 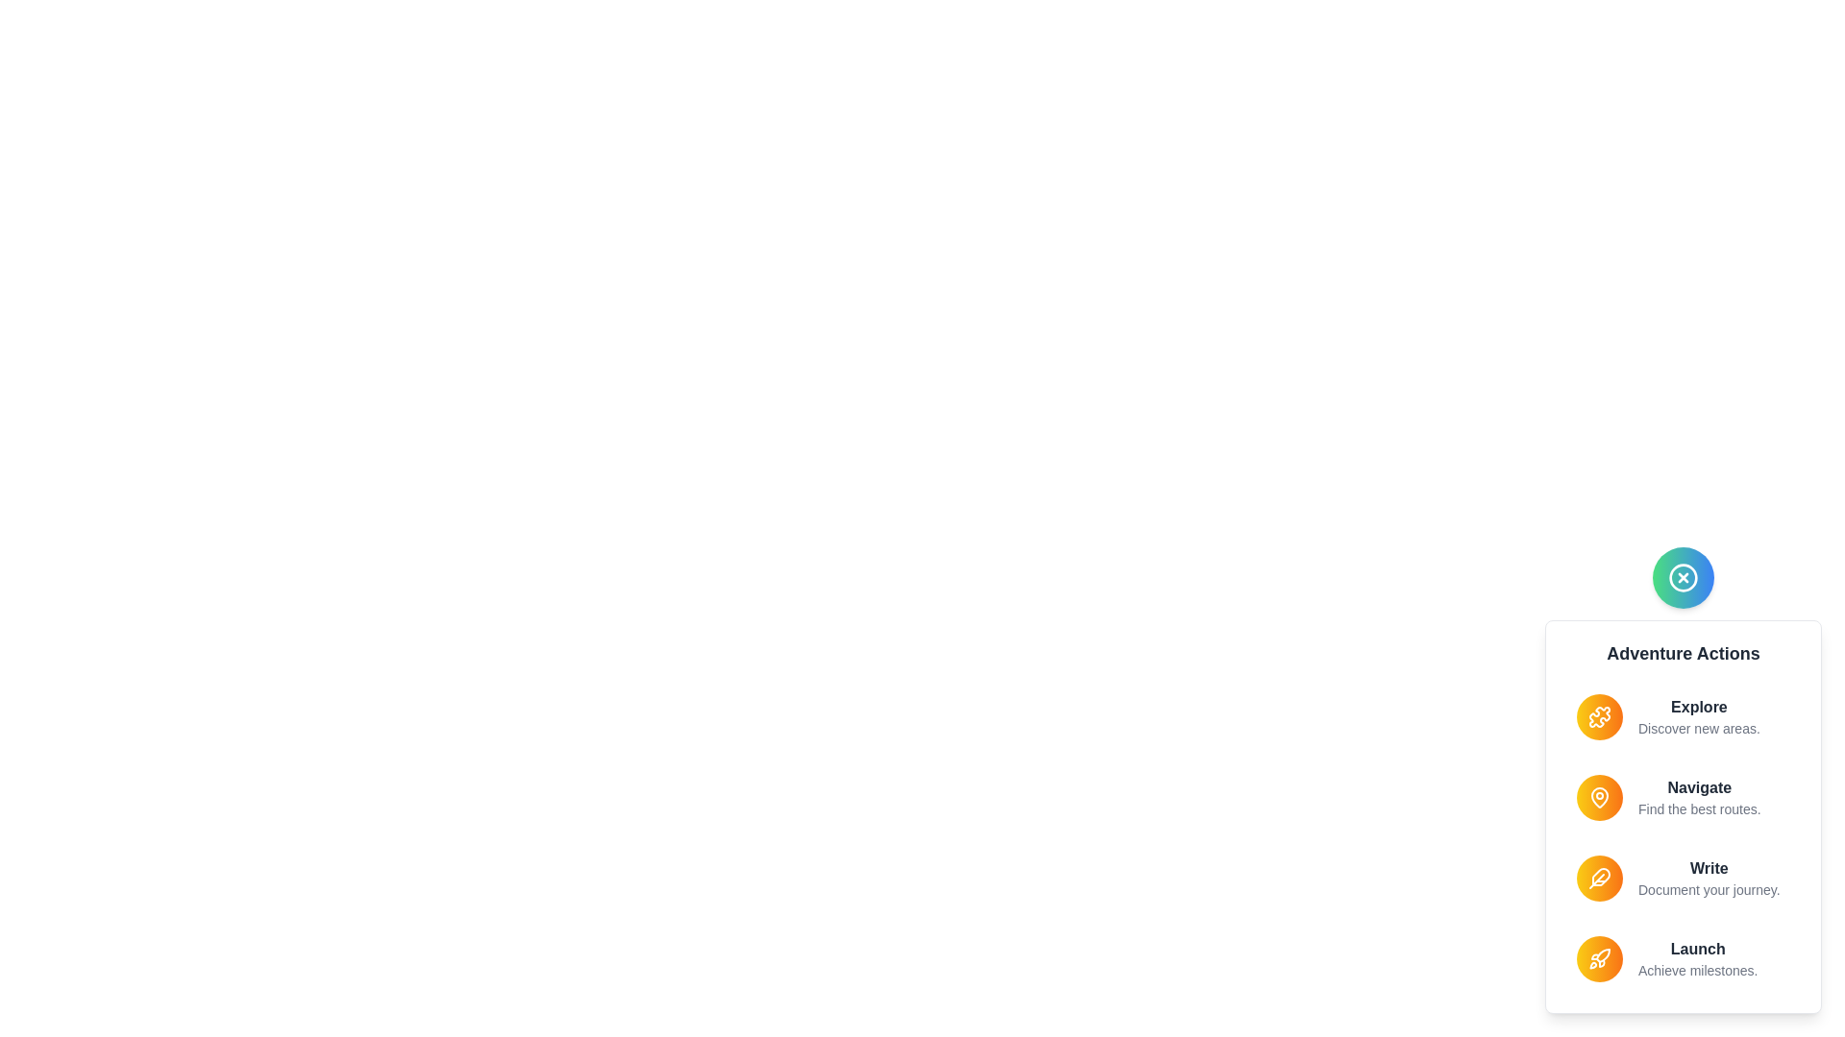 What do you see at coordinates (1683, 959) in the screenshot?
I see `the action Launch from the menu by clicking its respective item` at bounding box center [1683, 959].